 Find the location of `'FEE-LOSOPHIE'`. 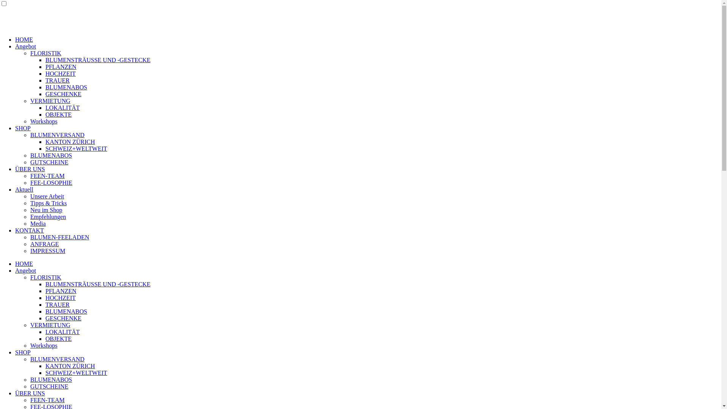

'FEE-LOSOPHIE' is located at coordinates (51, 183).